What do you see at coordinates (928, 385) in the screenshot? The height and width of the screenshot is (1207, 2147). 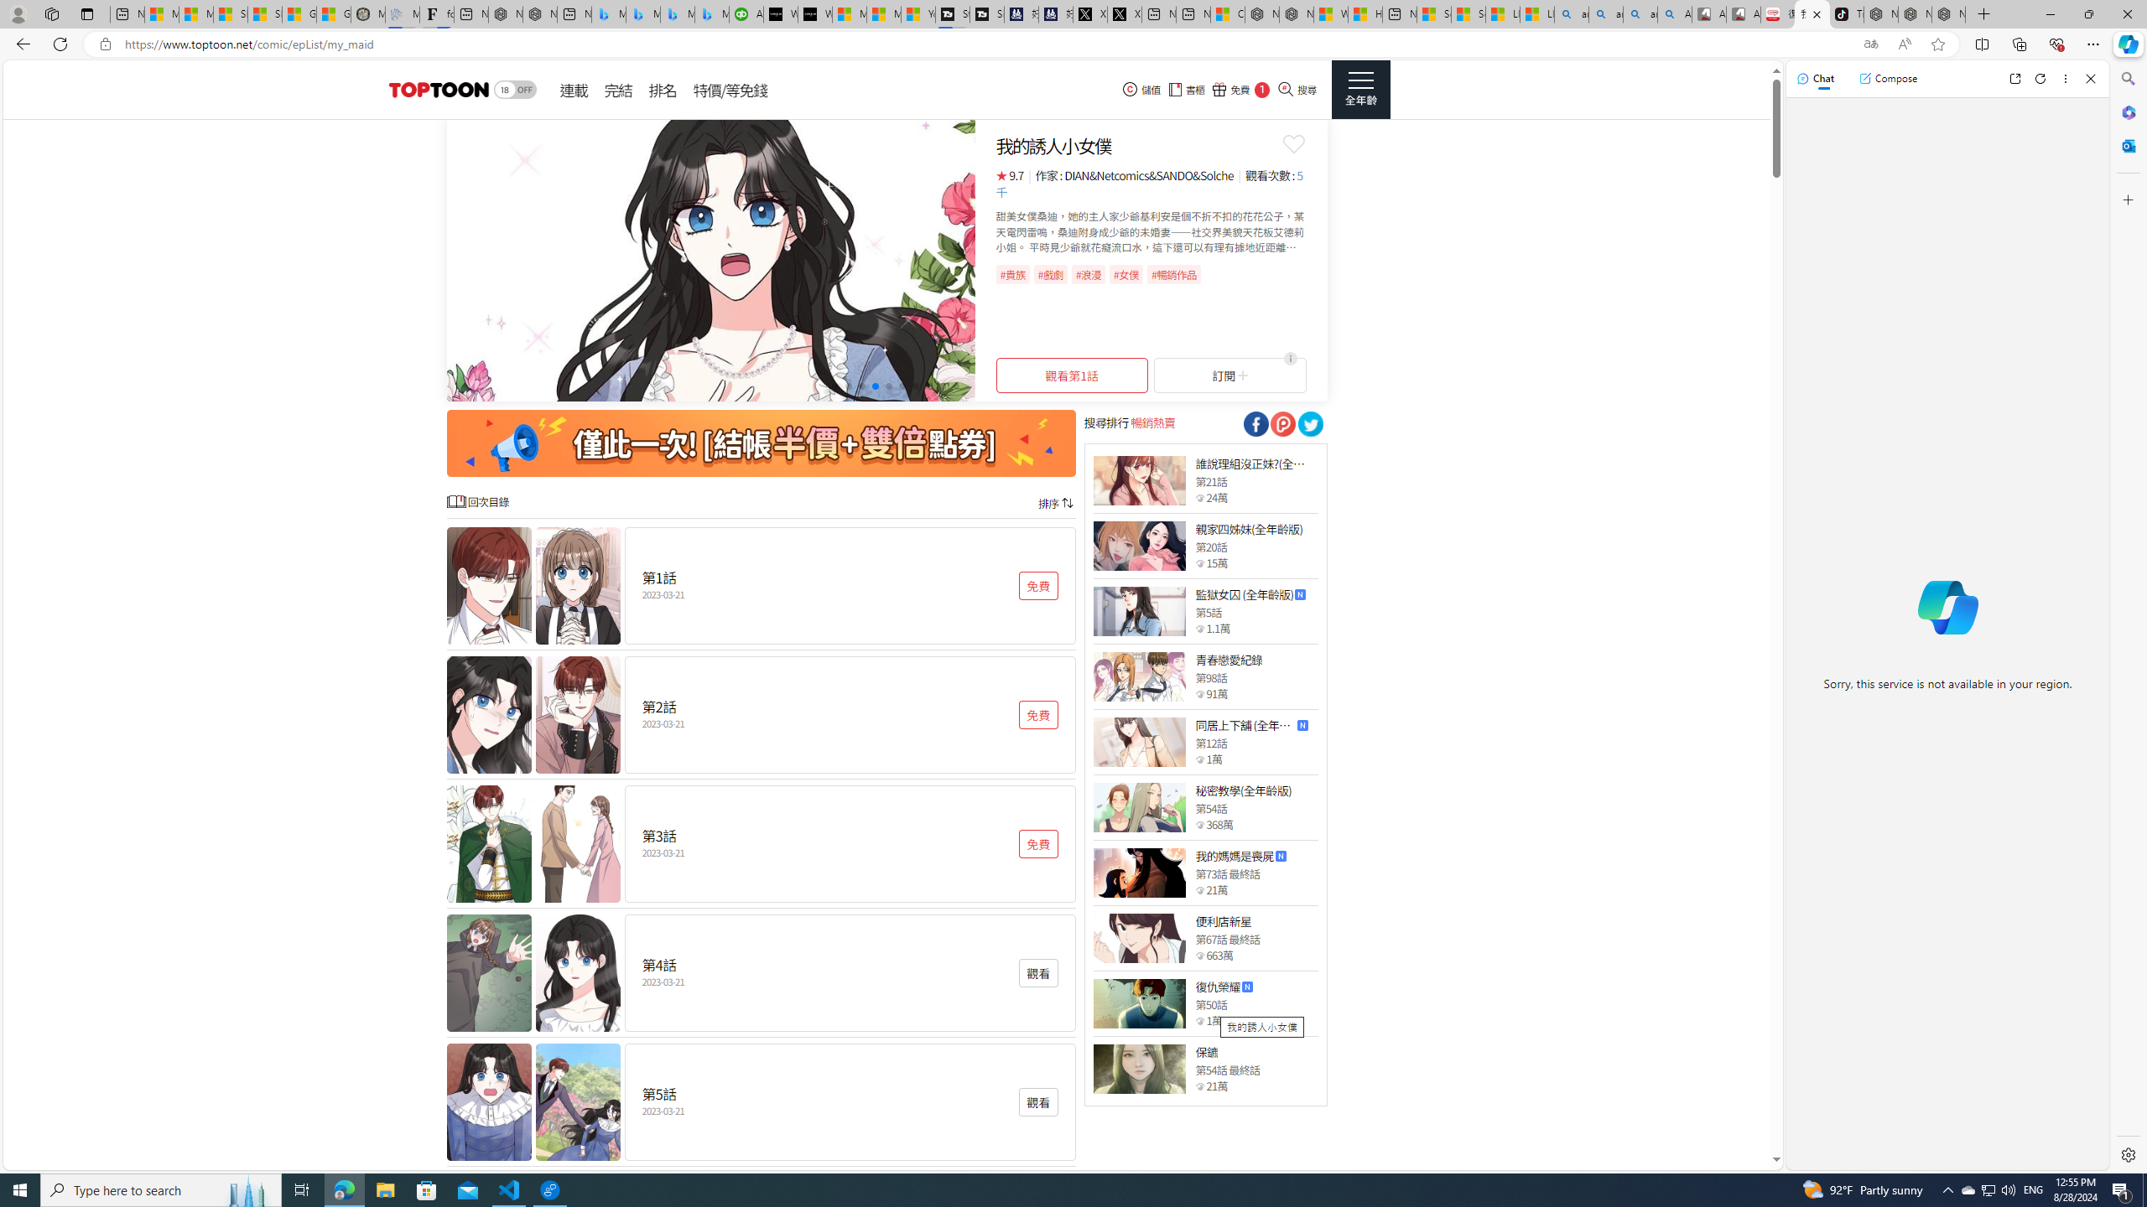 I see `'Go to slide 8'` at bounding box center [928, 385].